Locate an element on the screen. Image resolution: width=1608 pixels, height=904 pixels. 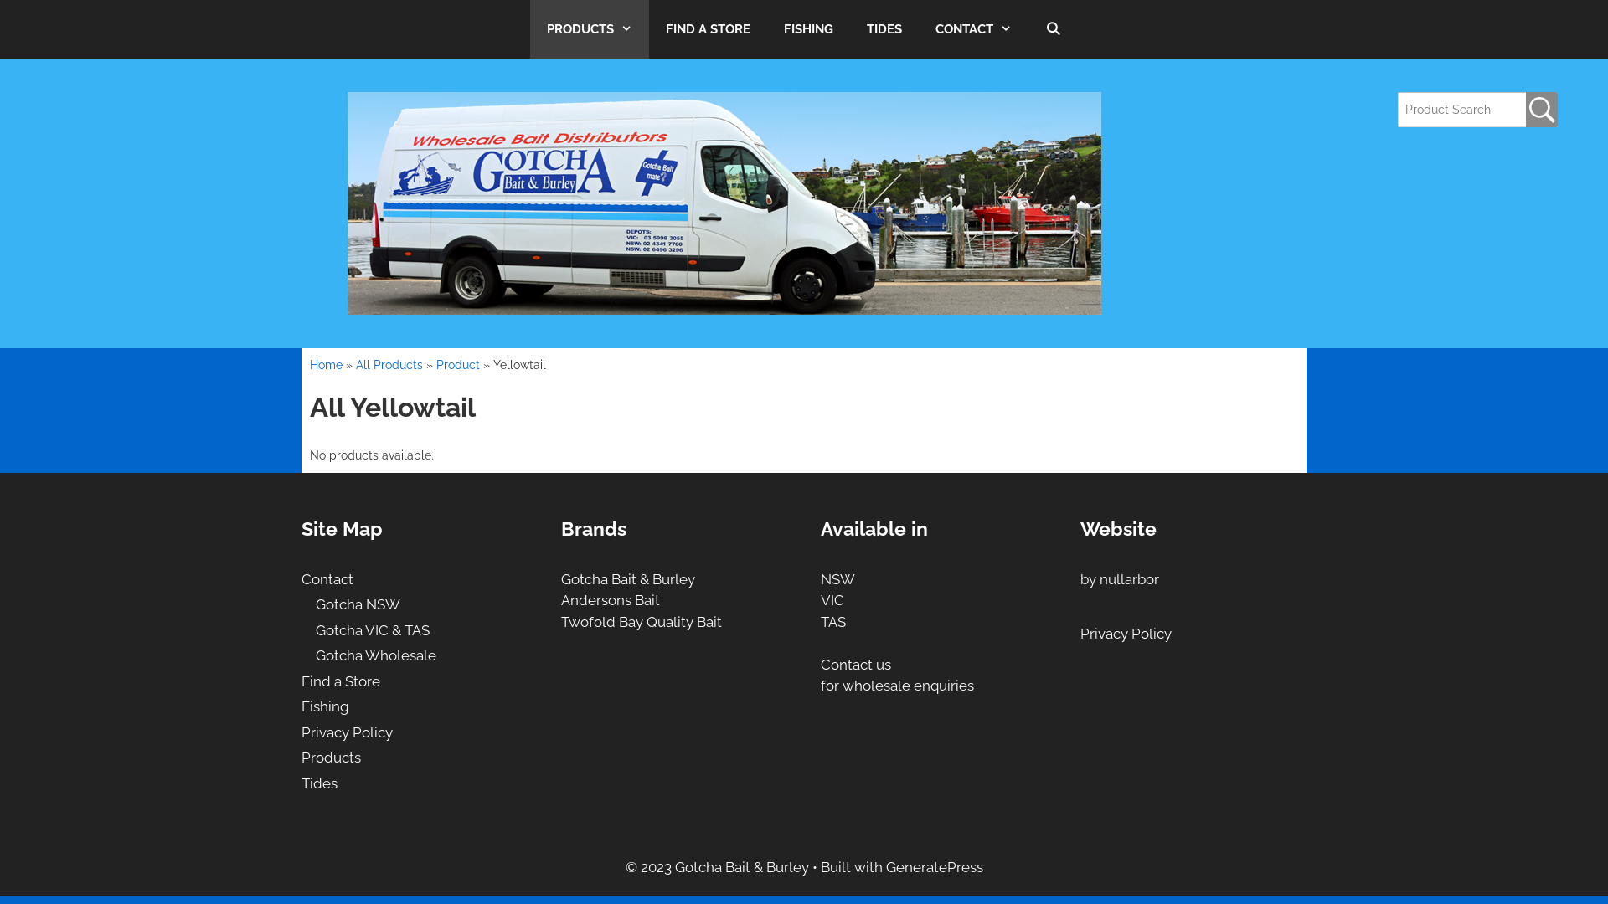
'TAS' is located at coordinates (832, 622).